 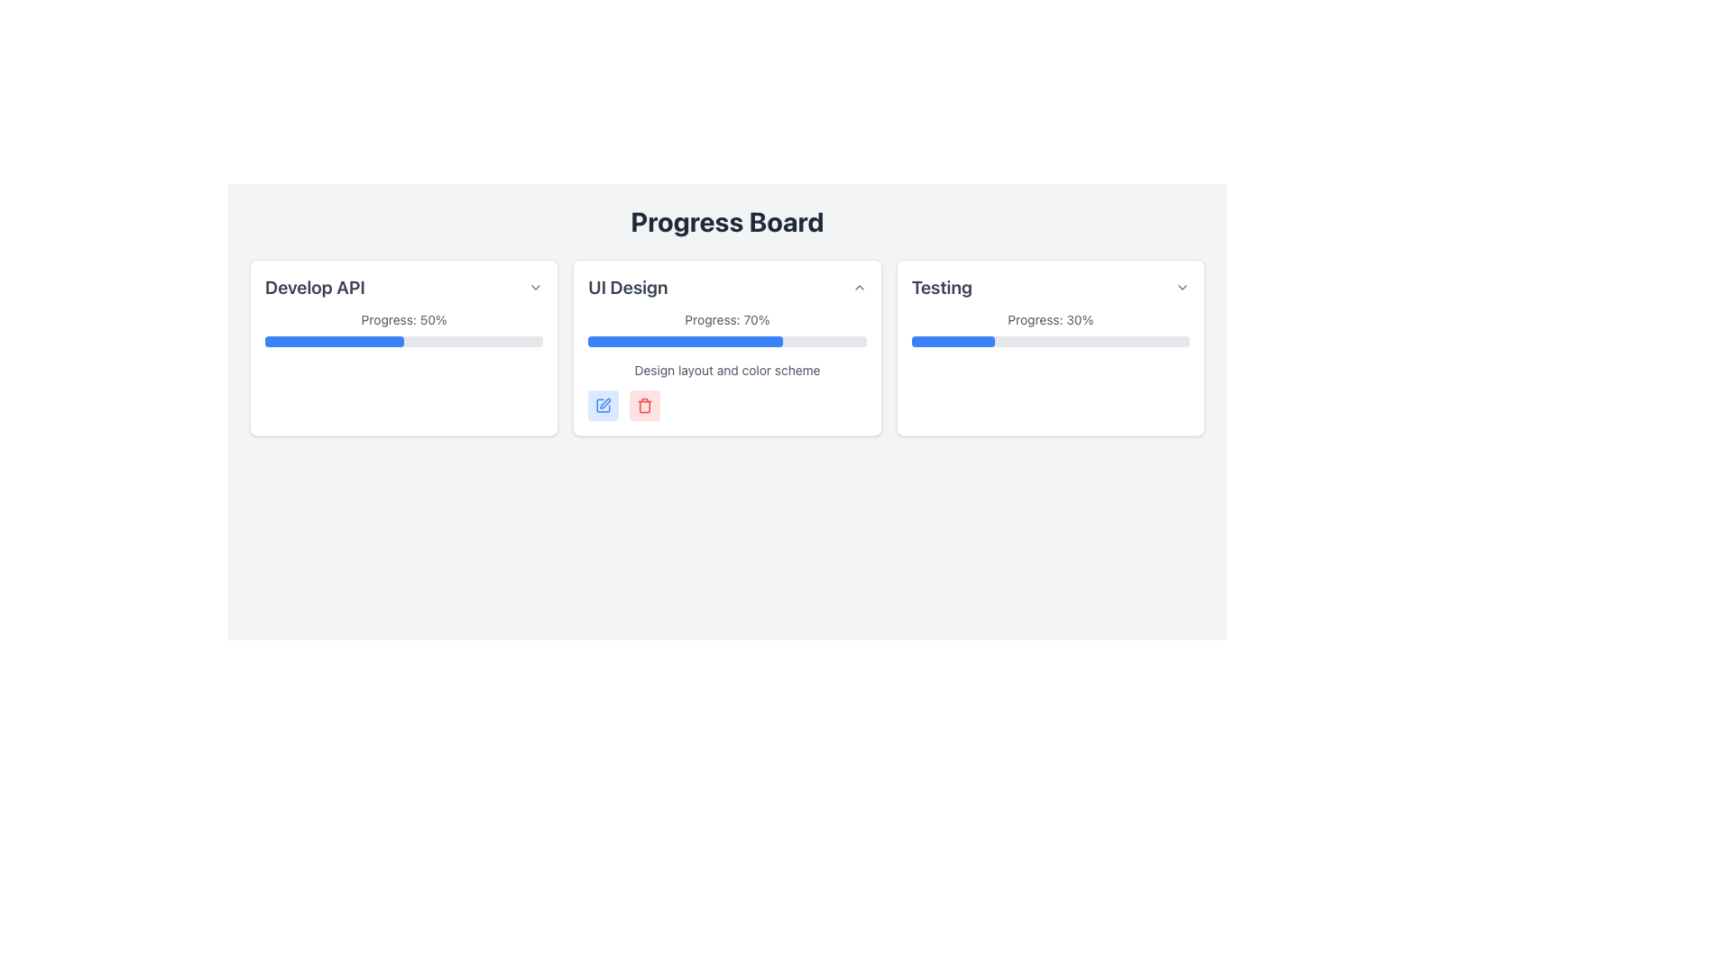 What do you see at coordinates (727, 318) in the screenshot?
I see `the text label that shows 70% completion for the 'UI Design' item to potentially see additional details or tooltips` at bounding box center [727, 318].